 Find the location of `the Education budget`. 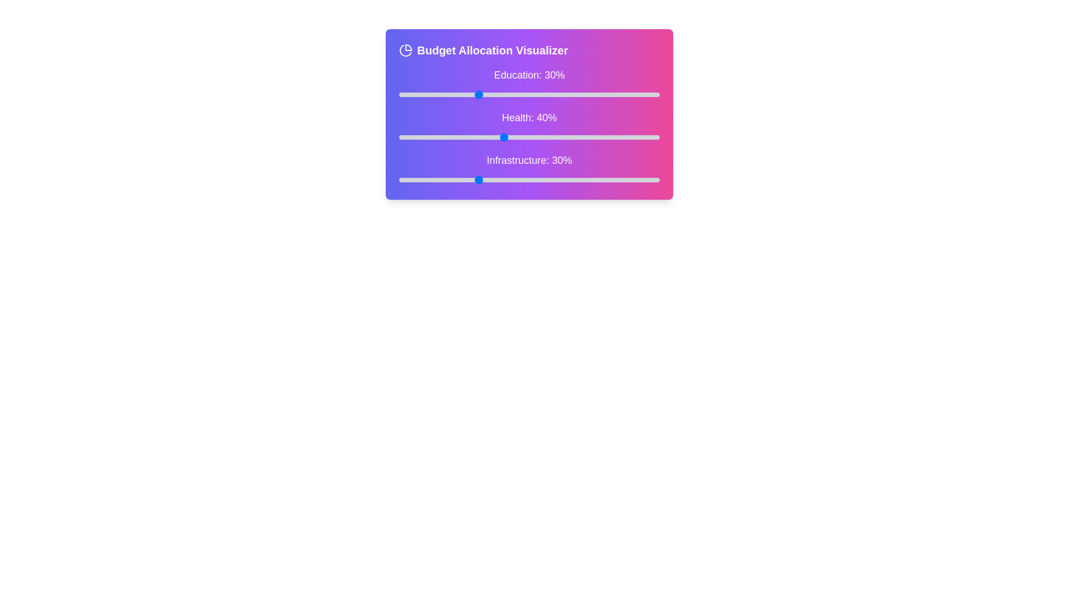

the Education budget is located at coordinates (482, 94).